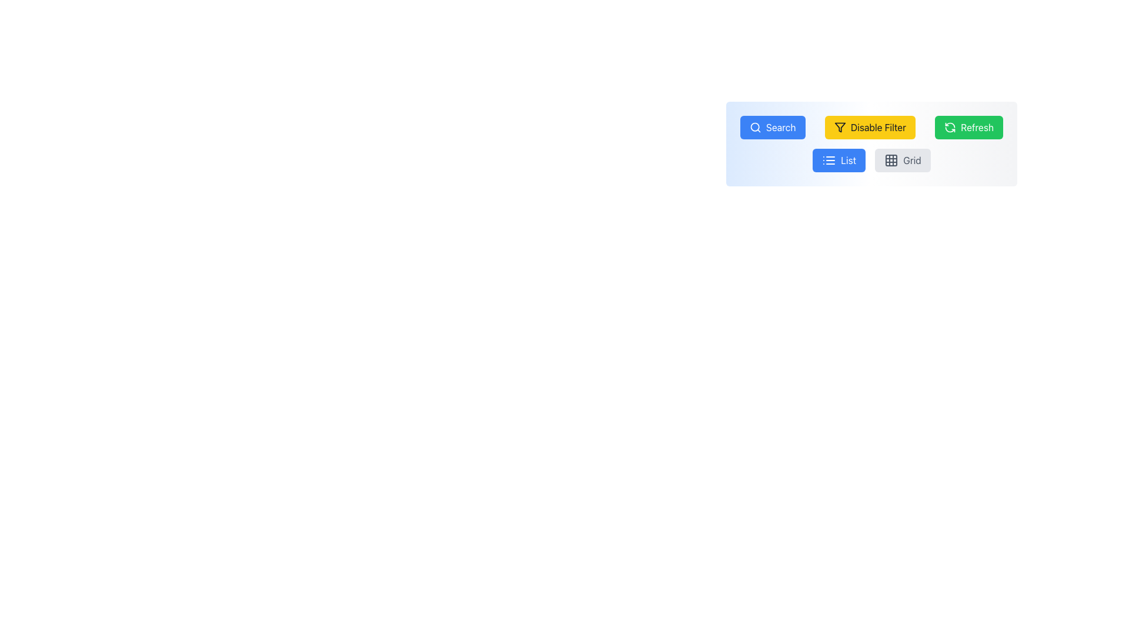 Image resolution: width=1129 pixels, height=635 pixels. Describe the element at coordinates (871, 161) in the screenshot. I see `the 'Grid' toggle button, which is part of a group of toggle buttons labeled 'List' and 'Grid'` at that location.